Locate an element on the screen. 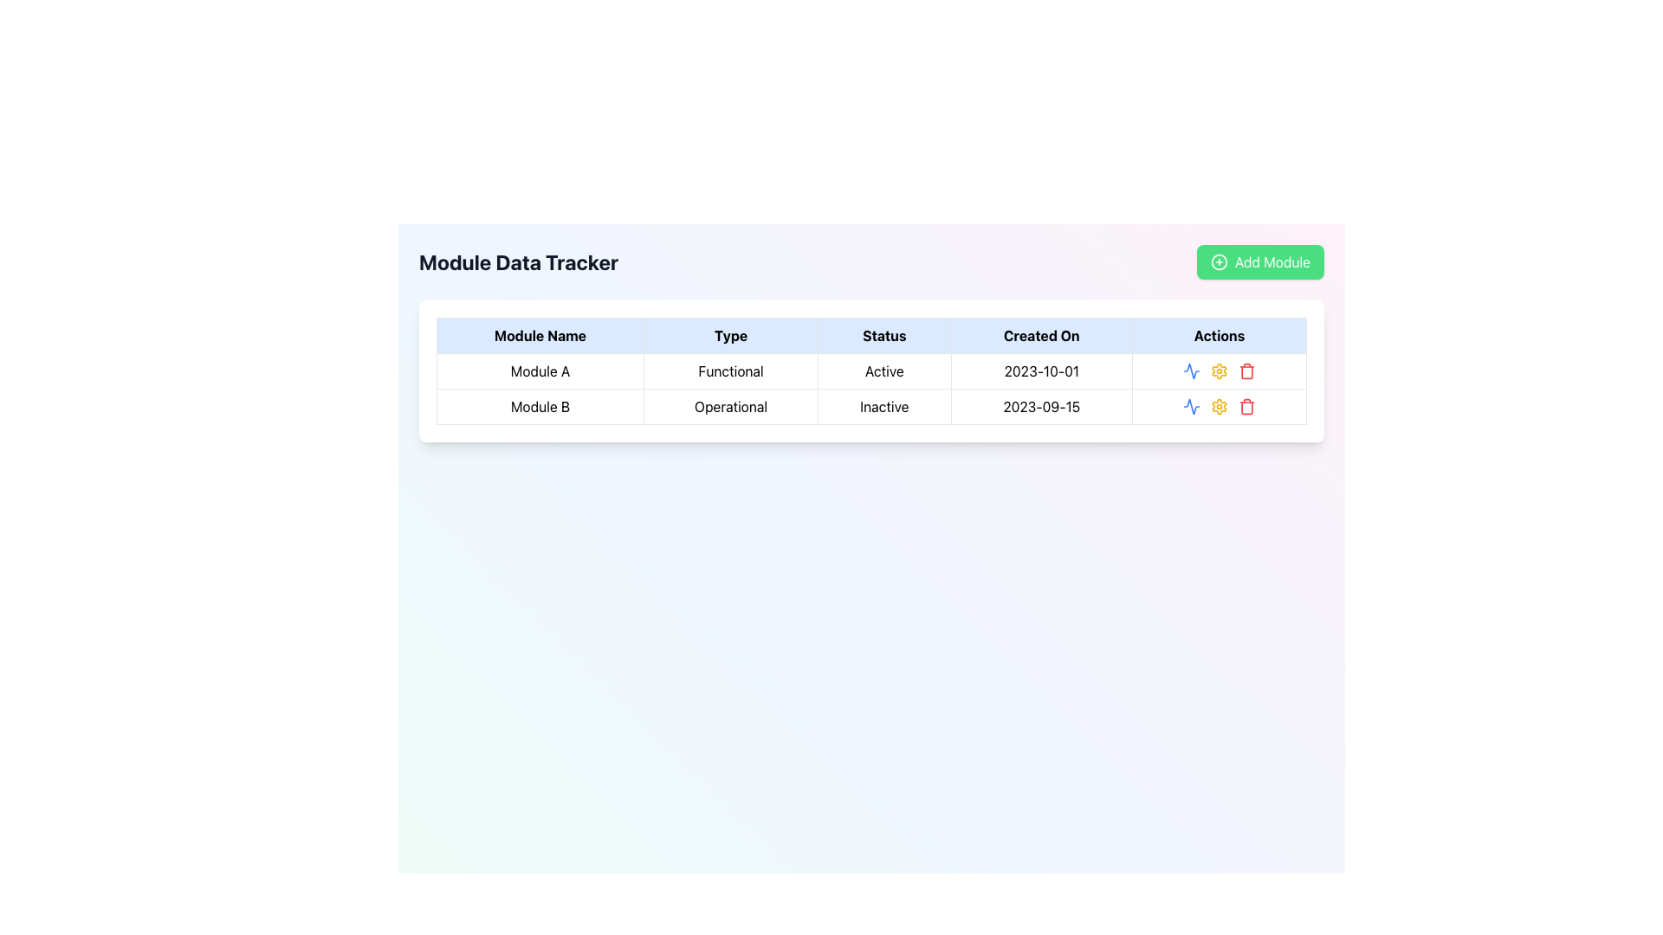 The height and width of the screenshot is (935, 1663). the first header cell of the table, which indicates the column for module names in the 'Module Data Tracker' interface is located at coordinates (540, 336).